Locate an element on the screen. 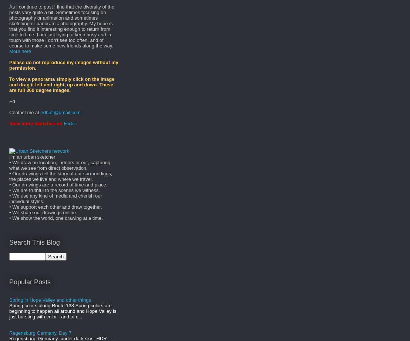 This screenshot has height=341, width=410. 'As I continue to post I find that the diversity of the posts vary quite a bit. Sometimes focusing on photography or animation and sometimes sketching or panoramic photography. My hope is that you find it interesting enough to return from time to time. I am just trying to keep busy and in touch with those I don't see too often, and of course to make some new friends along the way.' is located at coordinates (61, 26).